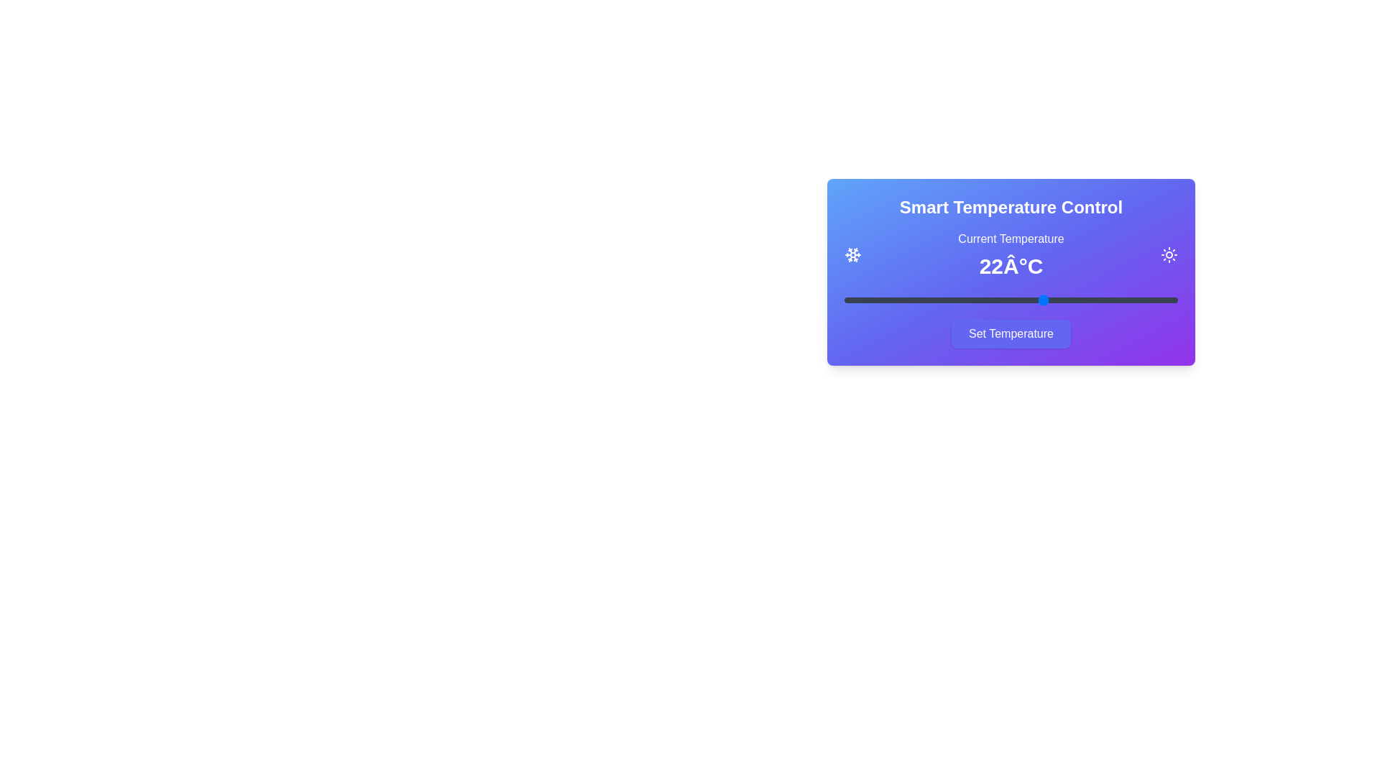  What do you see at coordinates (1010, 299) in the screenshot?
I see `the temperature slider` at bounding box center [1010, 299].